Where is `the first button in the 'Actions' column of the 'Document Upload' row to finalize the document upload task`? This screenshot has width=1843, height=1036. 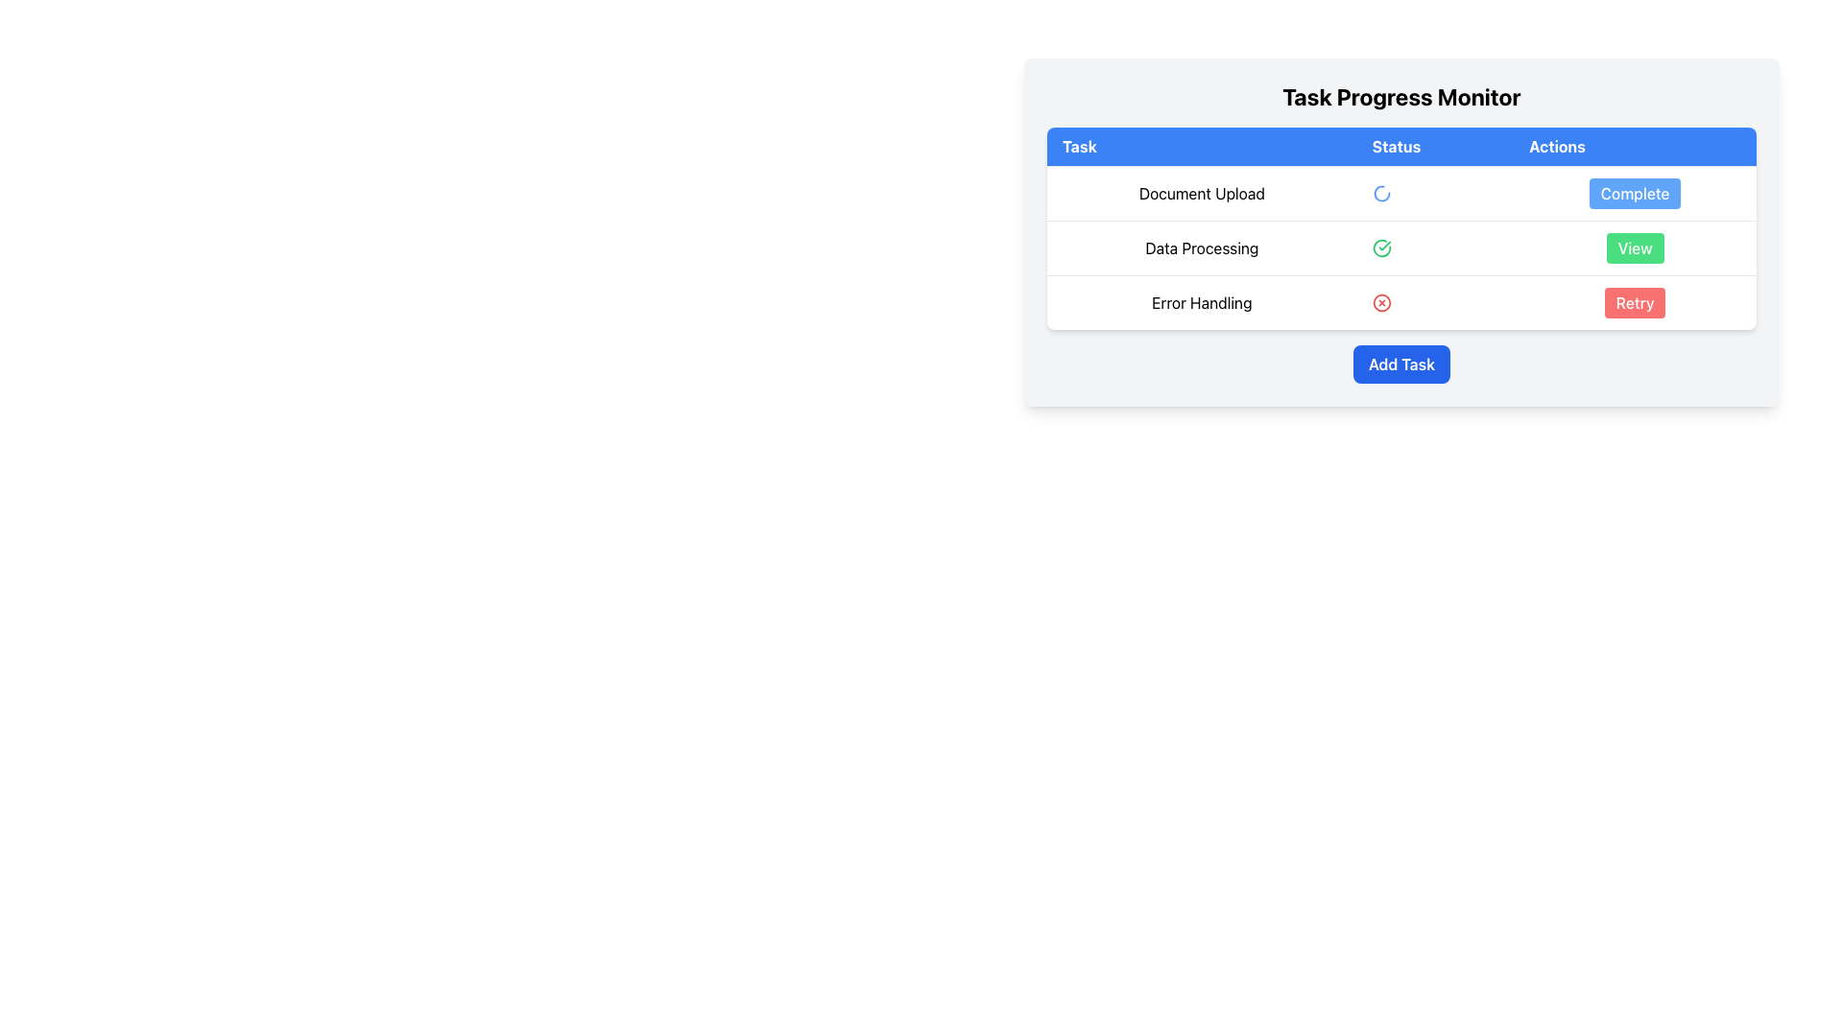
the first button in the 'Actions' column of the 'Document Upload' row to finalize the document upload task is located at coordinates (1634, 193).